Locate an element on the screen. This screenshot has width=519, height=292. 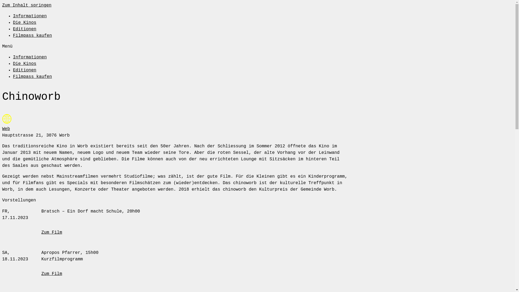
'Die Kinos' is located at coordinates (13, 22).